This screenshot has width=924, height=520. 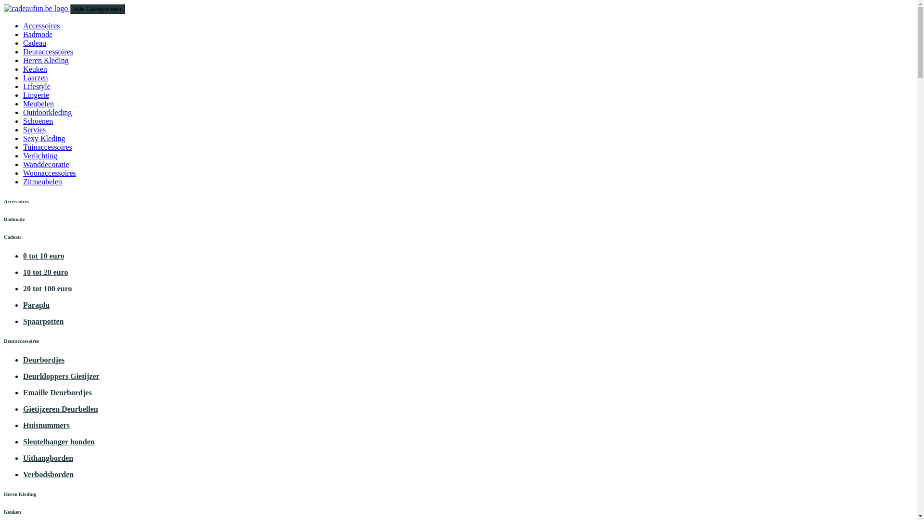 I want to click on 'Huisnummers', so click(x=46, y=425).